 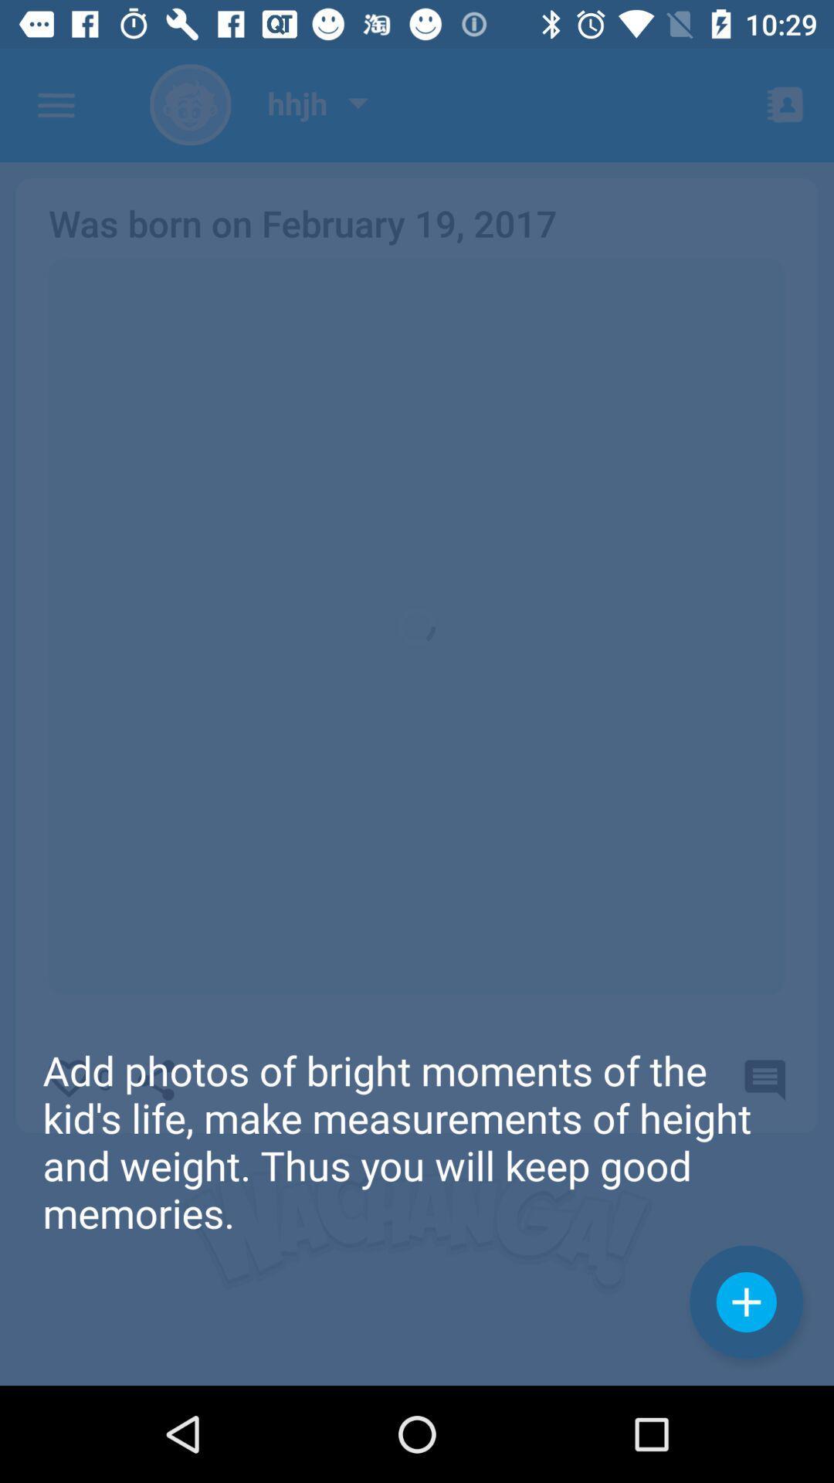 I want to click on the add icon, so click(x=745, y=1301).